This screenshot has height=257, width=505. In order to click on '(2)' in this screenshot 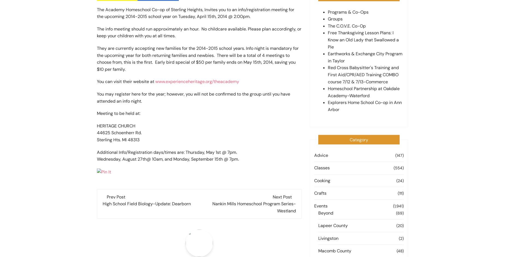, I will do `click(399, 238)`.